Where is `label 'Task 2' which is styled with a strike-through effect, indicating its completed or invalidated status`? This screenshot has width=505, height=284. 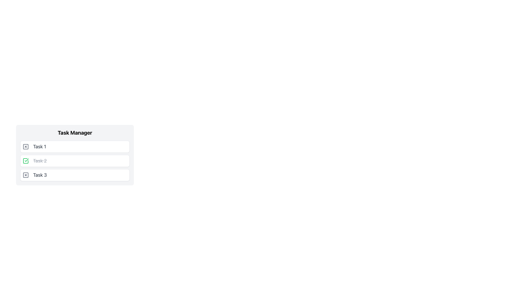
label 'Task 2' which is styled with a strike-through effect, indicating its completed or invalidated status is located at coordinates (39, 161).